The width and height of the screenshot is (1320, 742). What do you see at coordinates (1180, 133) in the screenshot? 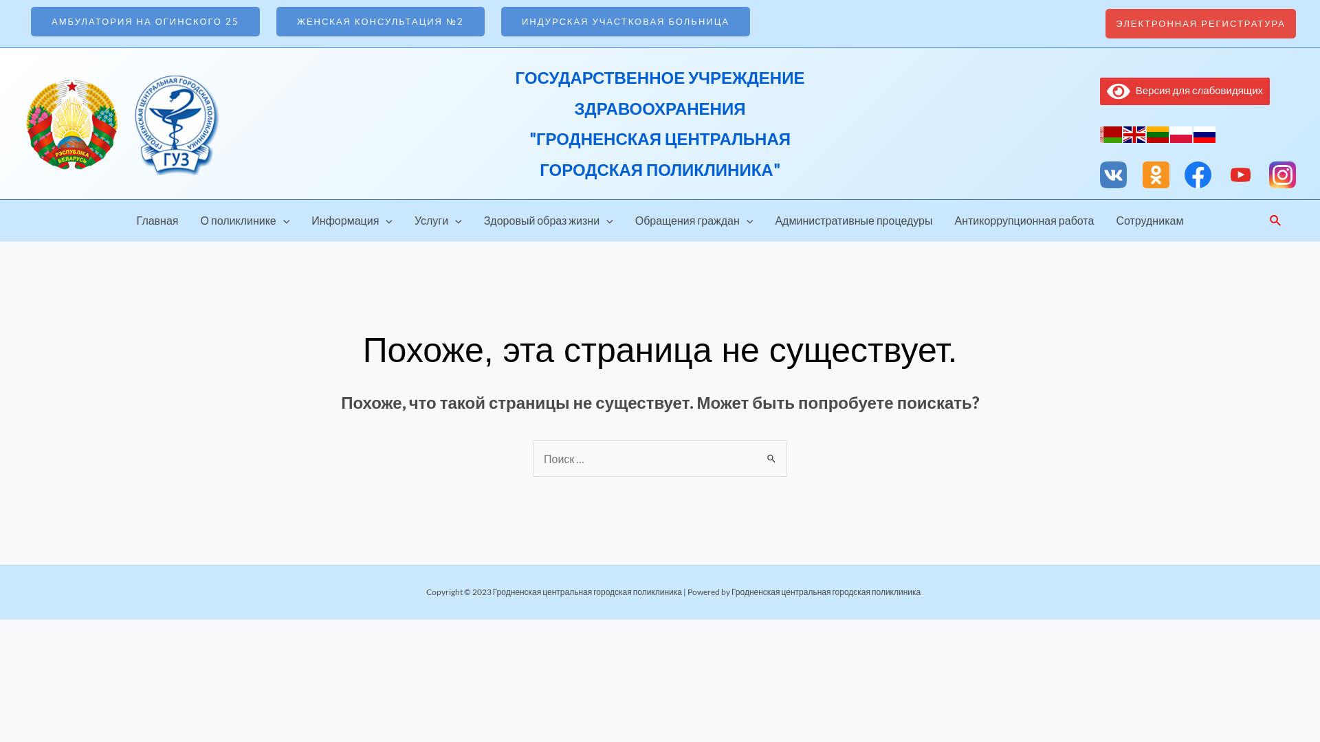
I see `'Polish'` at bounding box center [1180, 133].